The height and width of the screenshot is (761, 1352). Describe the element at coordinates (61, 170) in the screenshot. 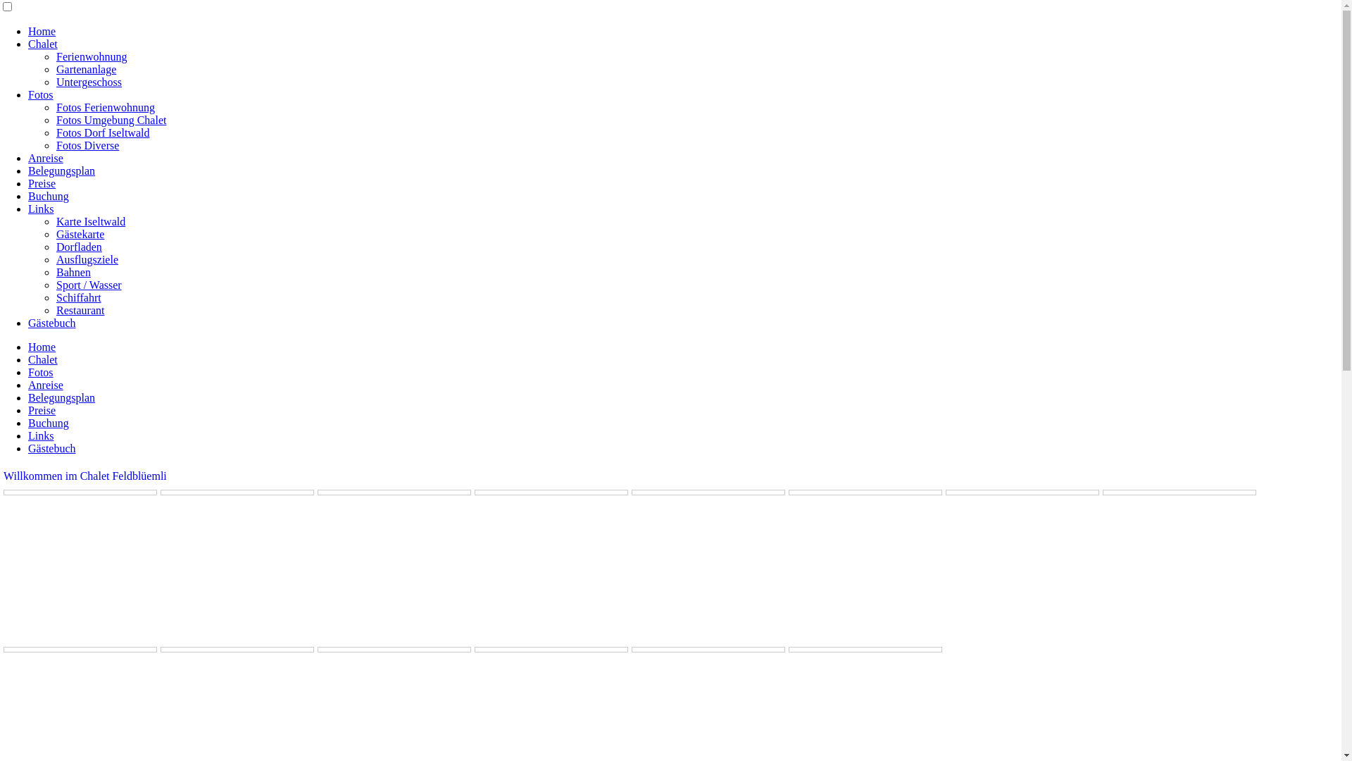

I see `'Belegungsplan'` at that location.